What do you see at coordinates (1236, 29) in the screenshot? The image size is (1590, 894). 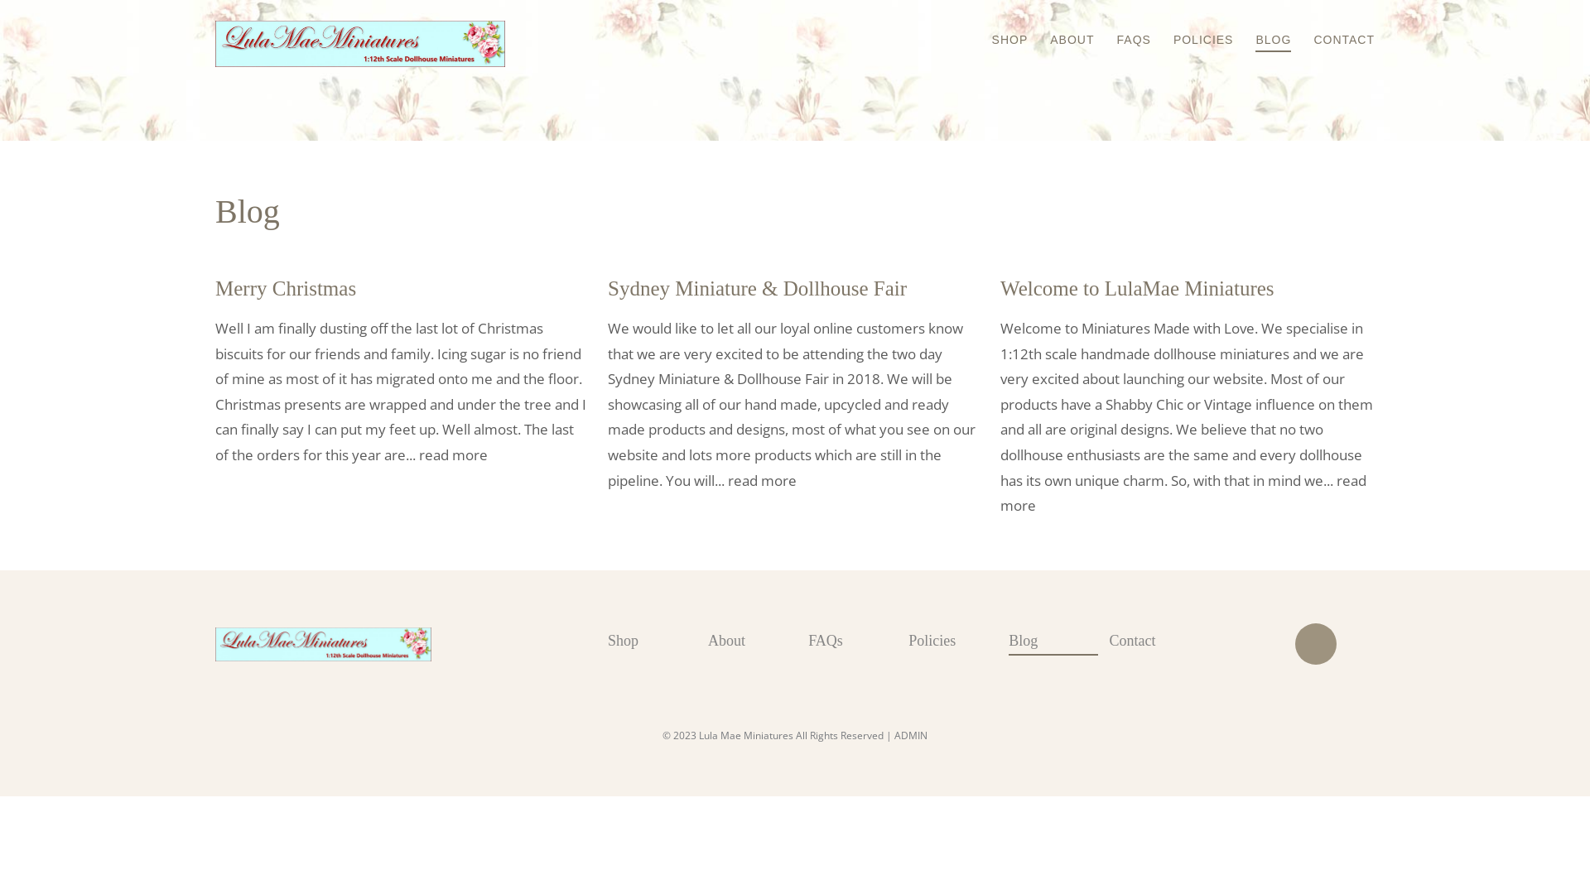 I see `'BLOG'` at bounding box center [1236, 29].